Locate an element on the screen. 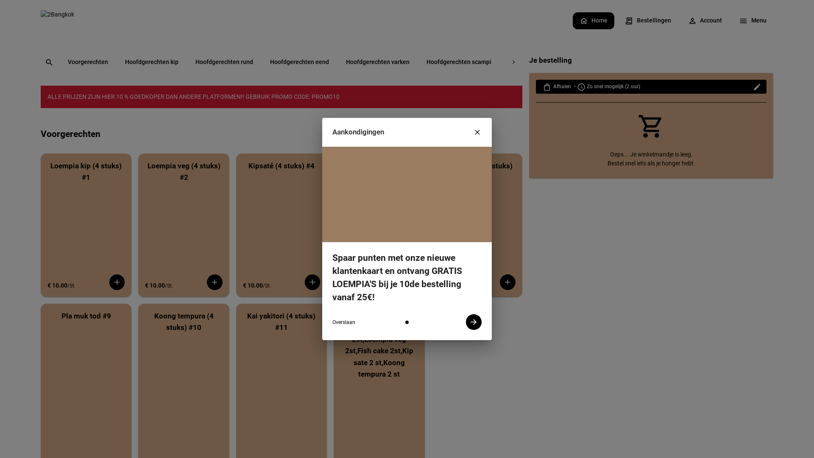 The height and width of the screenshot is (458, 814). 'Bestellingen' is located at coordinates (618, 21).